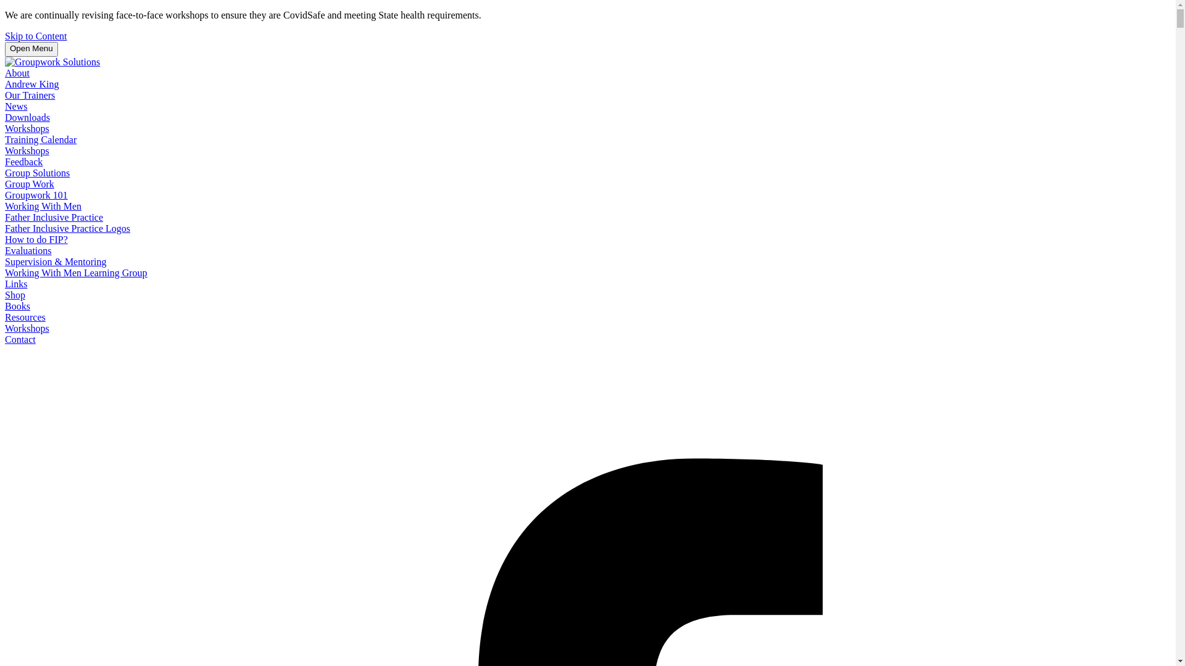  I want to click on 'Feedback', so click(23, 161).